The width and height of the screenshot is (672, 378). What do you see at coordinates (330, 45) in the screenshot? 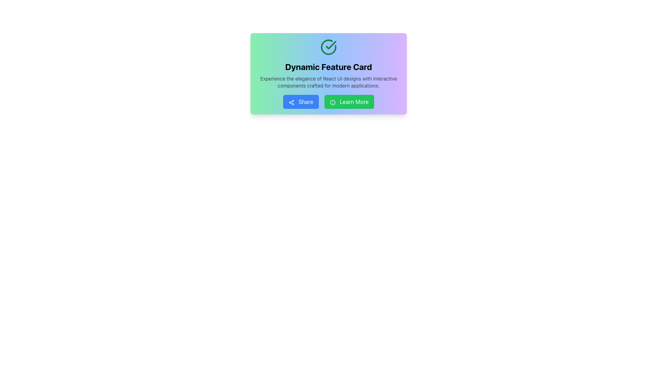
I see `the green circle icon that signifies completion or success status, located at the top center of the card above the title text` at bounding box center [330, 45].